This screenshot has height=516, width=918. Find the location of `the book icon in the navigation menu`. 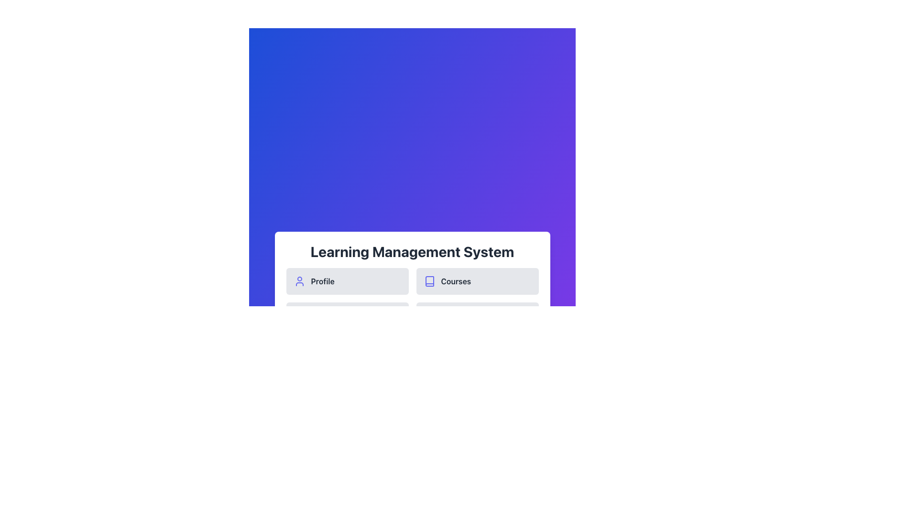

the book icon in the navigation menu is located at coordinates (429, 281).